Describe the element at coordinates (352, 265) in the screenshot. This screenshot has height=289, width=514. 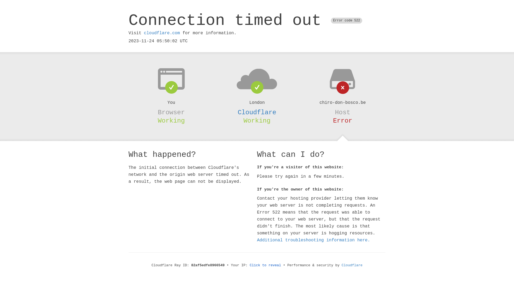
I see `'Cloudflare'` at that location.